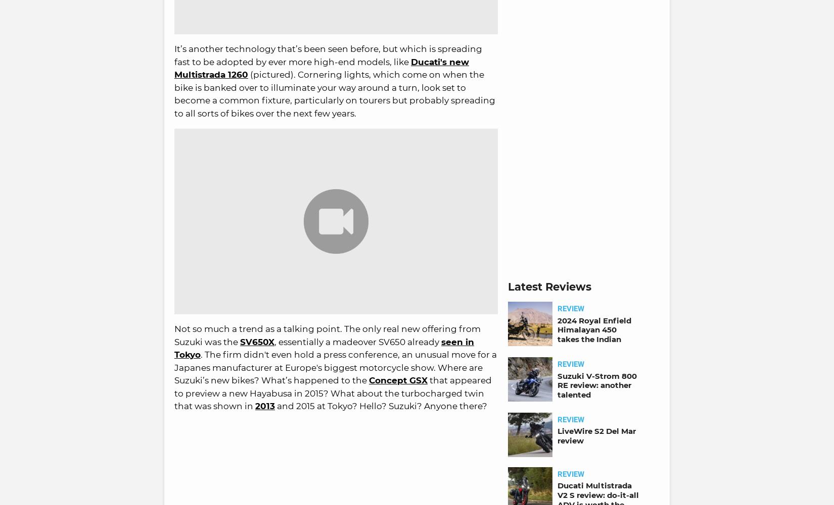 This screenshot has height=505, width=834. I want to click on 'Not so much a trend as a talking point. The only real new offering from Suzuki was the', so click(327, 334).